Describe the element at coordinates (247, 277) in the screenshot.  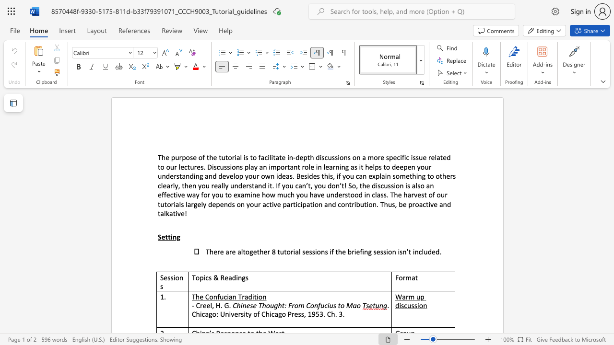
I see `the 2th character "s" in the text` at that location.